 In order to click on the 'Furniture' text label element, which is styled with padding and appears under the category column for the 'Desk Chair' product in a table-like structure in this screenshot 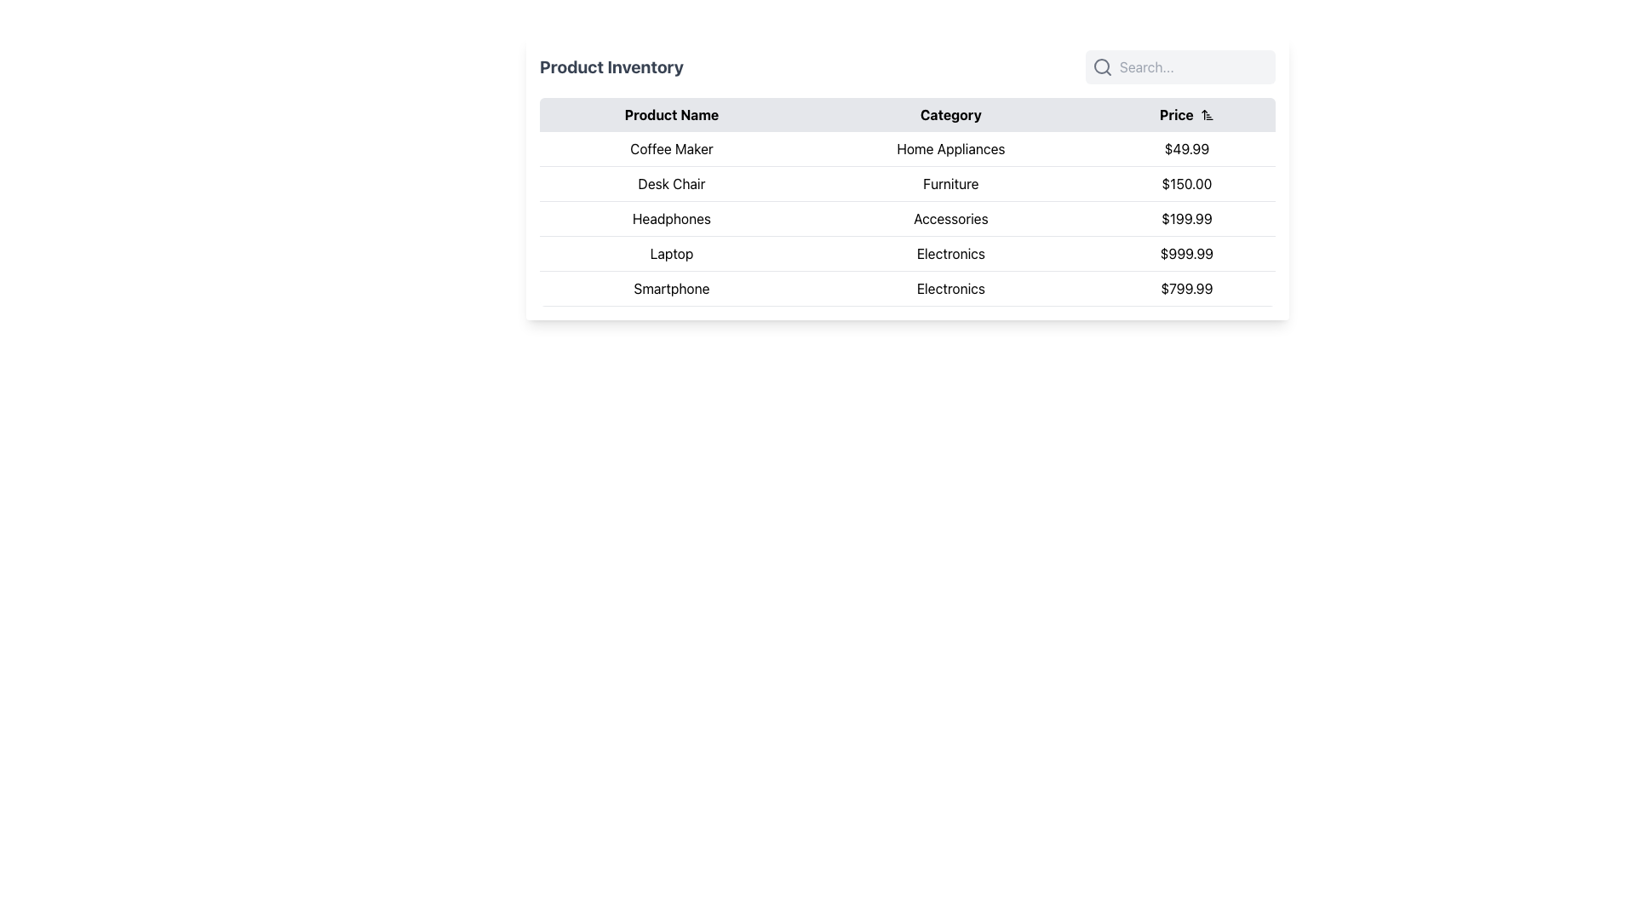, I will do `click(949, 184)`.